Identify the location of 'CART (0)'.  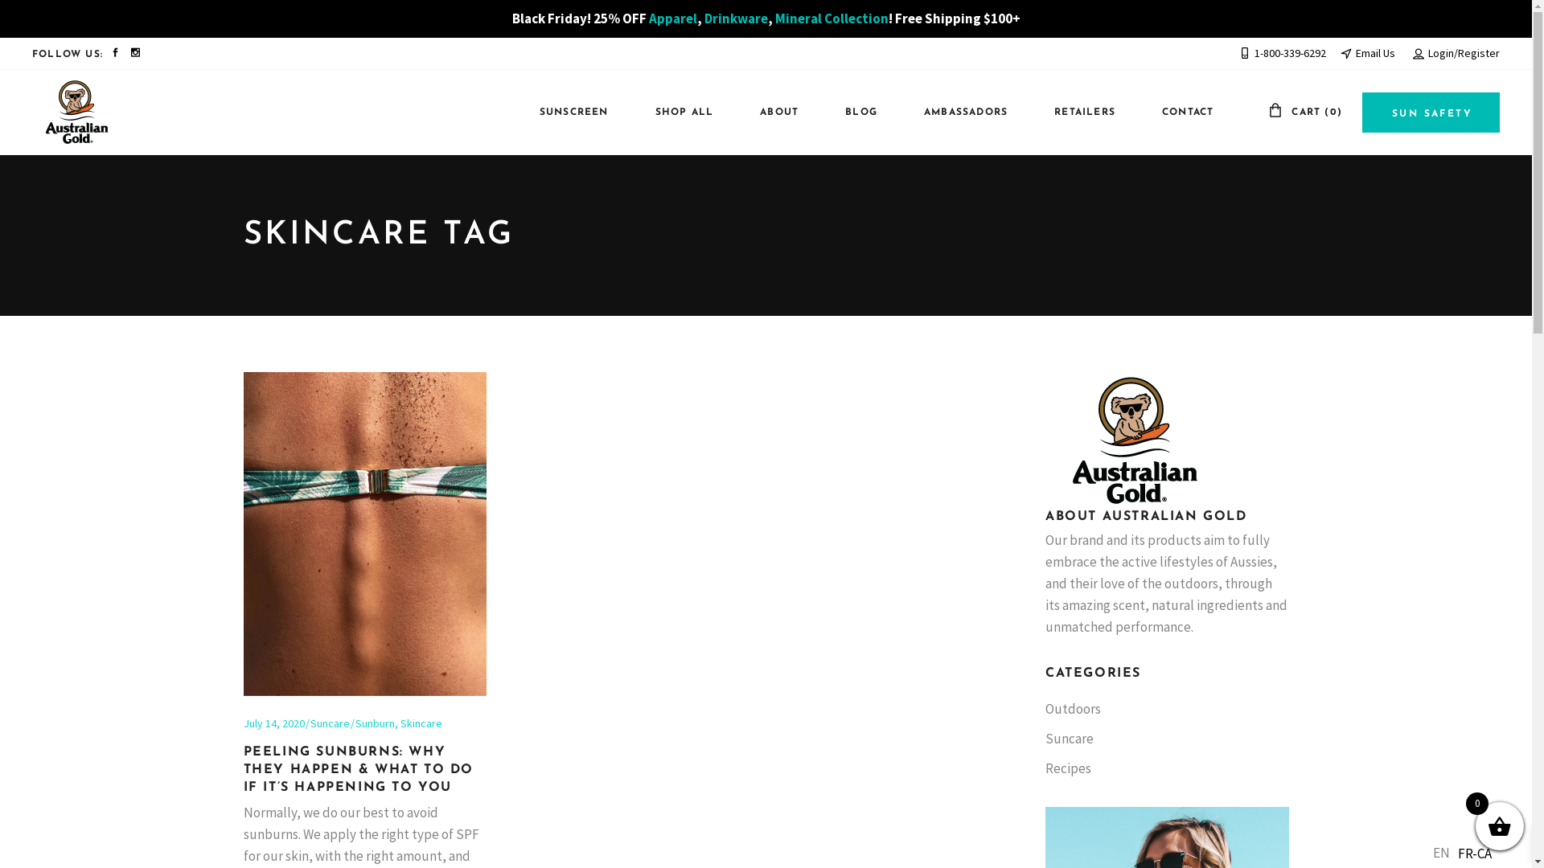
(1304, 111).